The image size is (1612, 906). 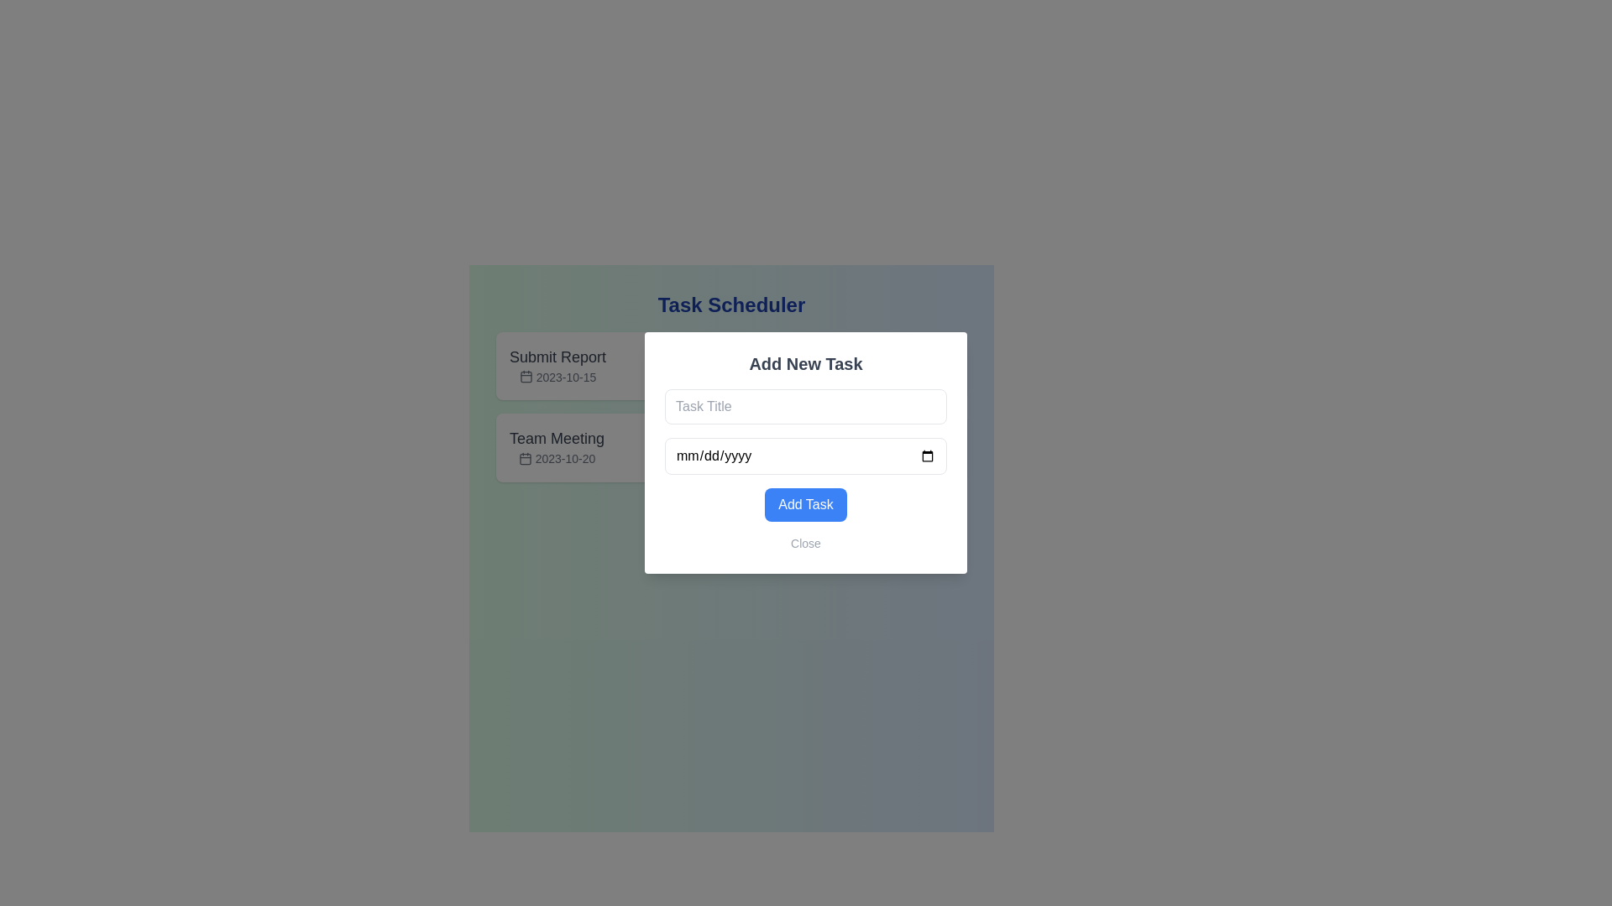 I want to click on the close button at the bottom of the modal dialog box, so click(x=806, y=544).